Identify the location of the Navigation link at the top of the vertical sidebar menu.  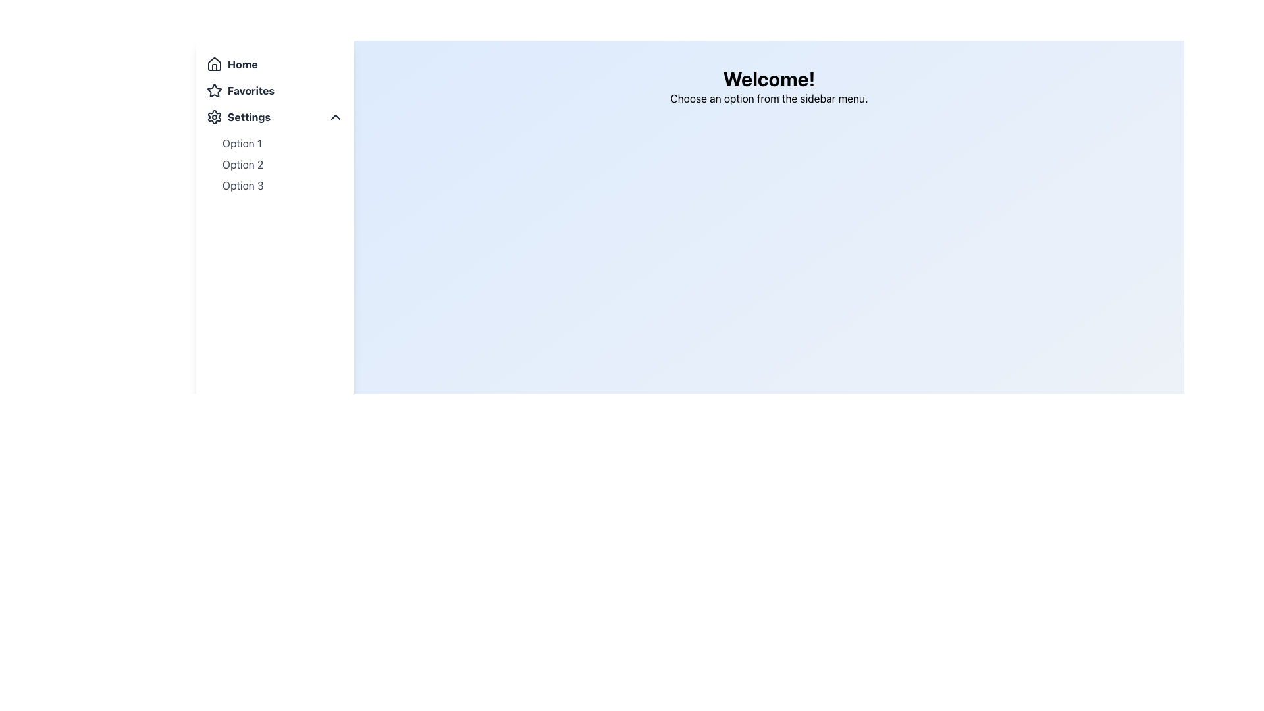
(274, 64).